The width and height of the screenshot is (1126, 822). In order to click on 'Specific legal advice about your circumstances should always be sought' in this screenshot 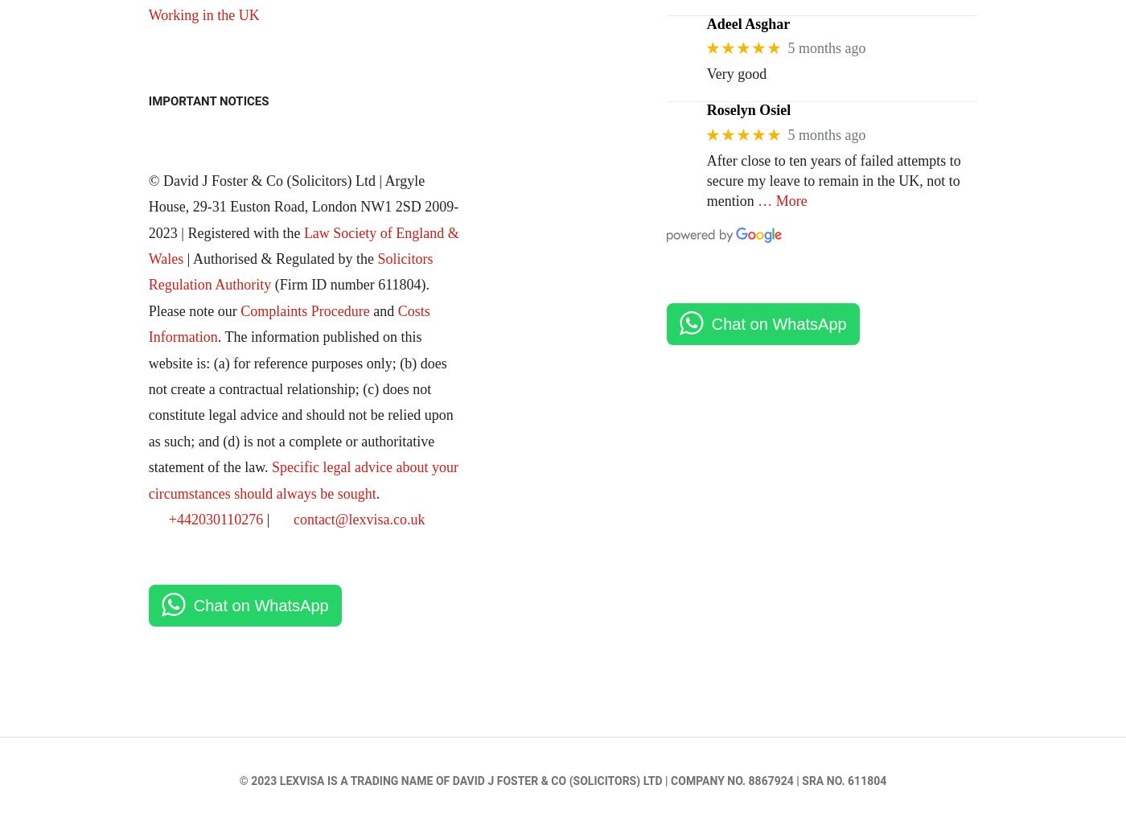, I will do `click(147, 479)`.